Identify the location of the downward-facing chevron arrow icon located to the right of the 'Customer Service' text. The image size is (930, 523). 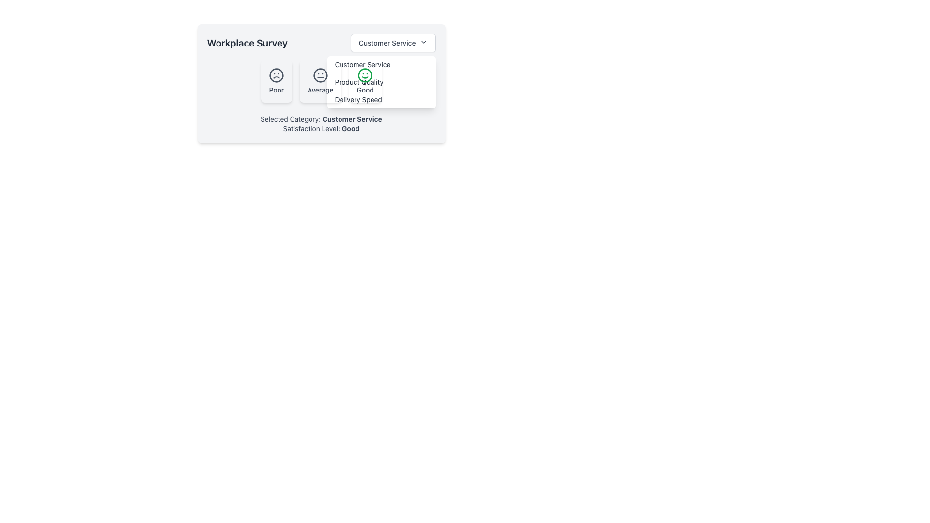
(423, 42).